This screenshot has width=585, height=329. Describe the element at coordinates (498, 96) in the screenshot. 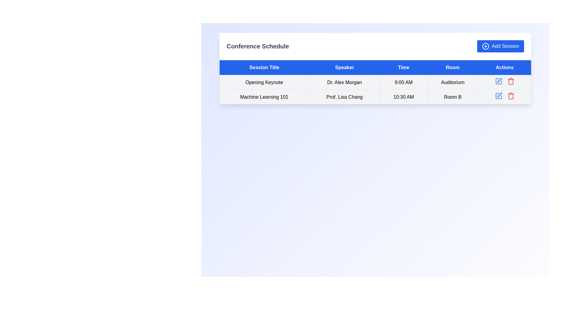

I see `the blue pencil icon button in the 'Actions' column of the second row under the 'Conference Schedule' header` at that location.